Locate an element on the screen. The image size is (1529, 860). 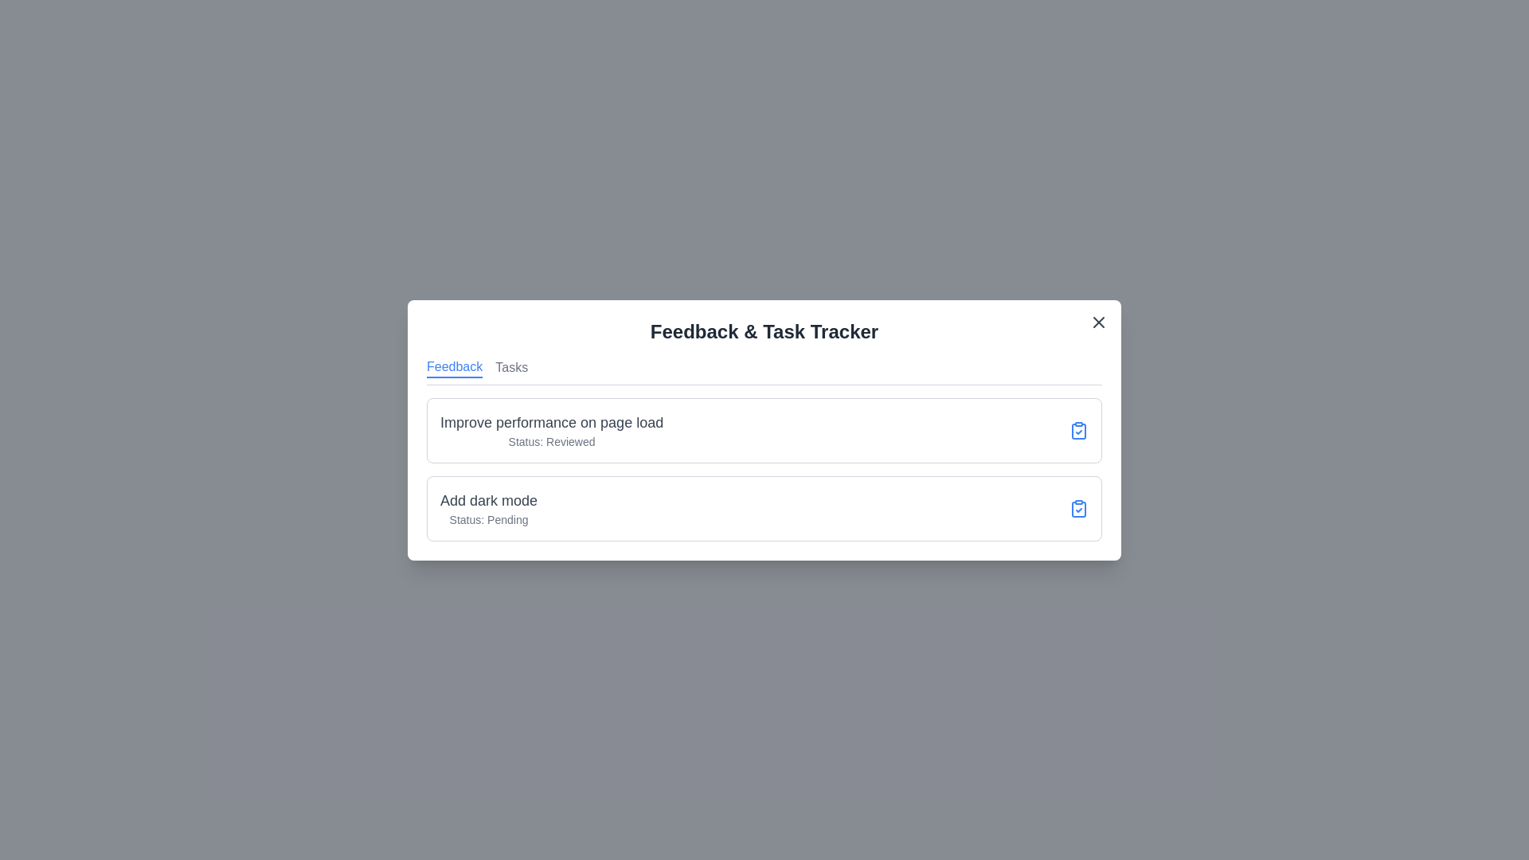
the 'Feedback' interactive tab in the header section is located at coordinates (454, 367).